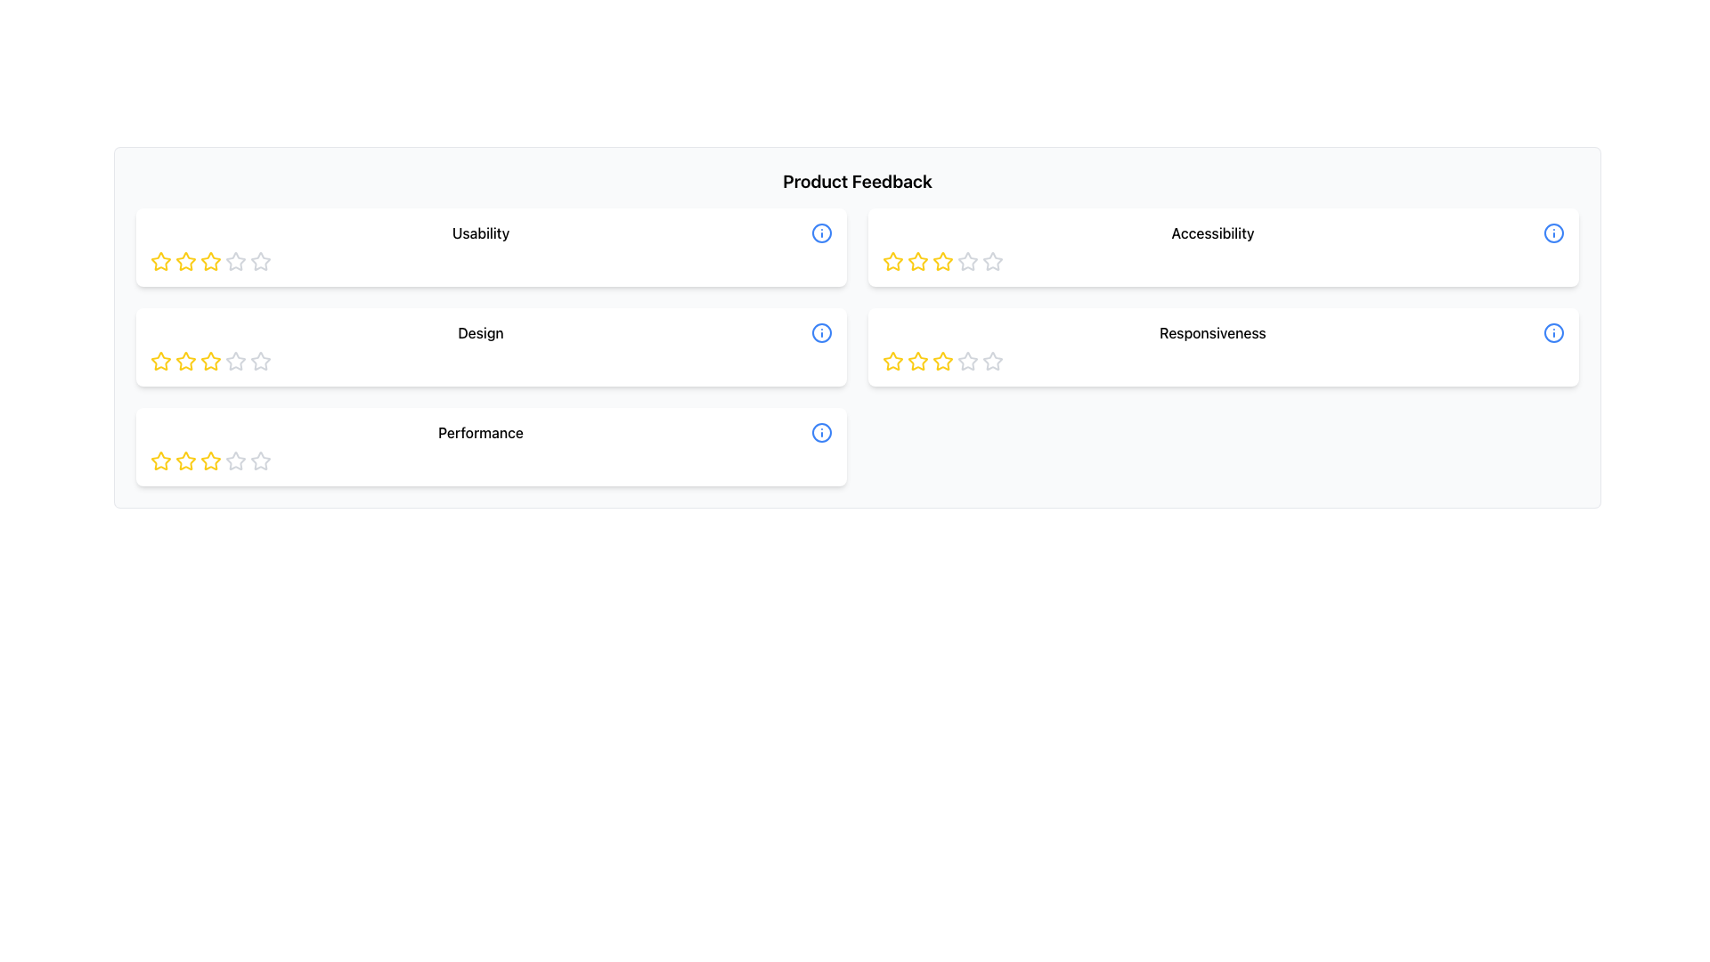 The image size is (1710, 962). I want to click on the fifth unselected rating star in the Accessibility category of the Product Feedback interface, so click(991, 261).